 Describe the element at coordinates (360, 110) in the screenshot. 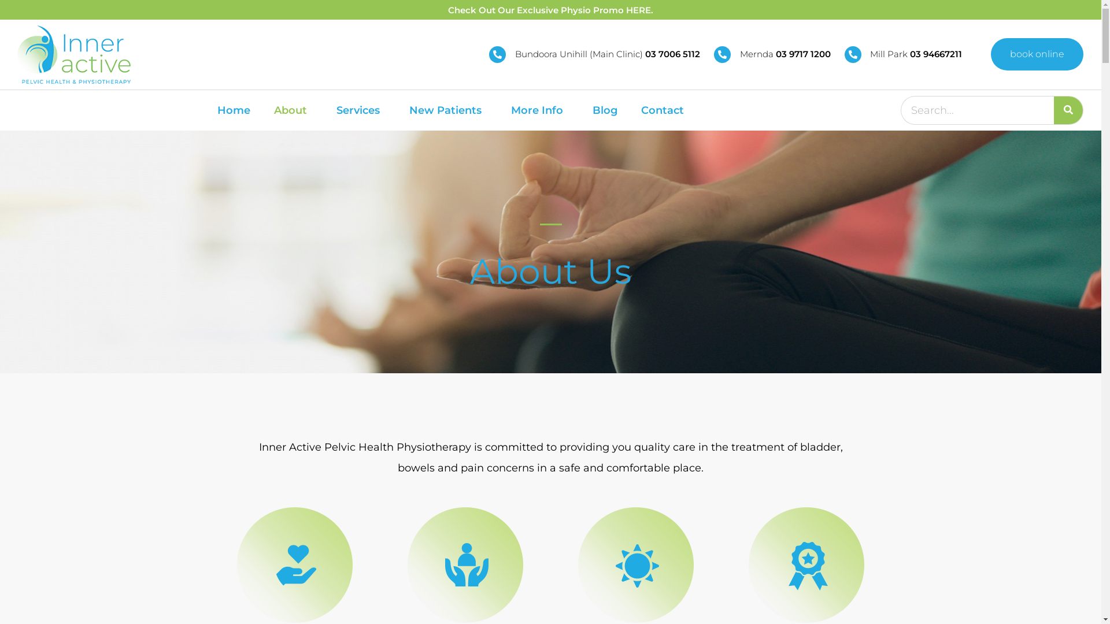

I see `'Services'` at that location.